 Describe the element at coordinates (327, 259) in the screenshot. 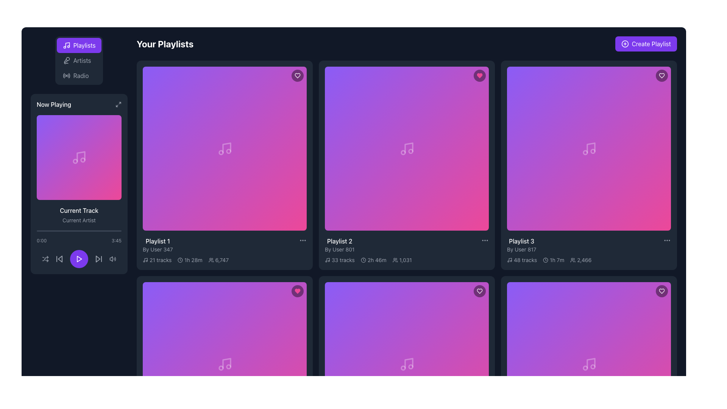

I see `the audio/music icon located beneath the 'Playlist 2' header, to the left of the '33 tracks' text in the second card of the playlist grid` at that location.